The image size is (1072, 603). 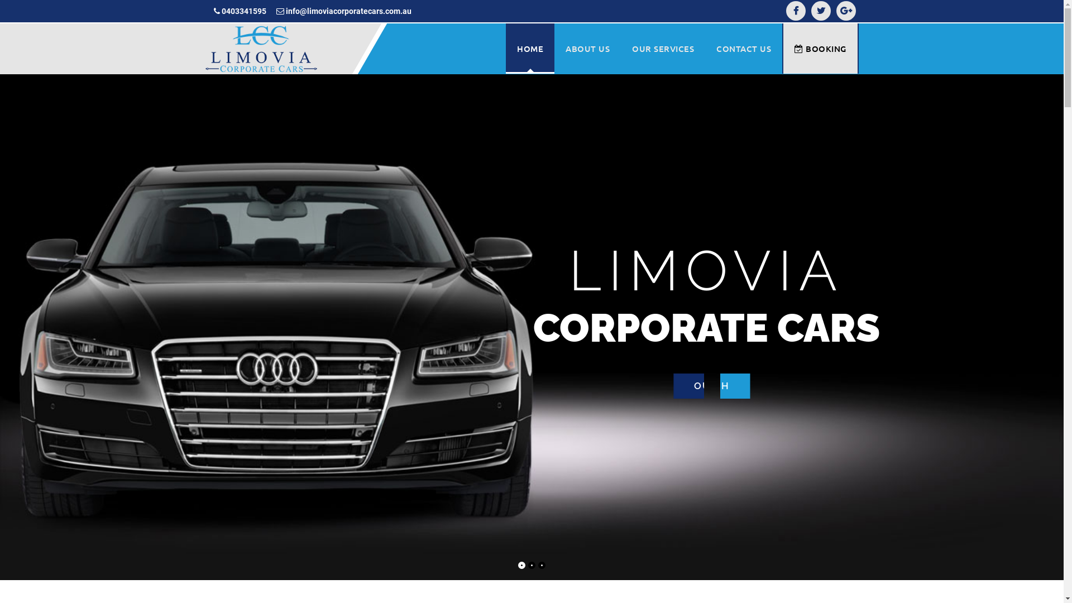 What do you see at coordinates (529, 48) in the screenshot?
I see `'HOME'` at bounding box center [529, 48].